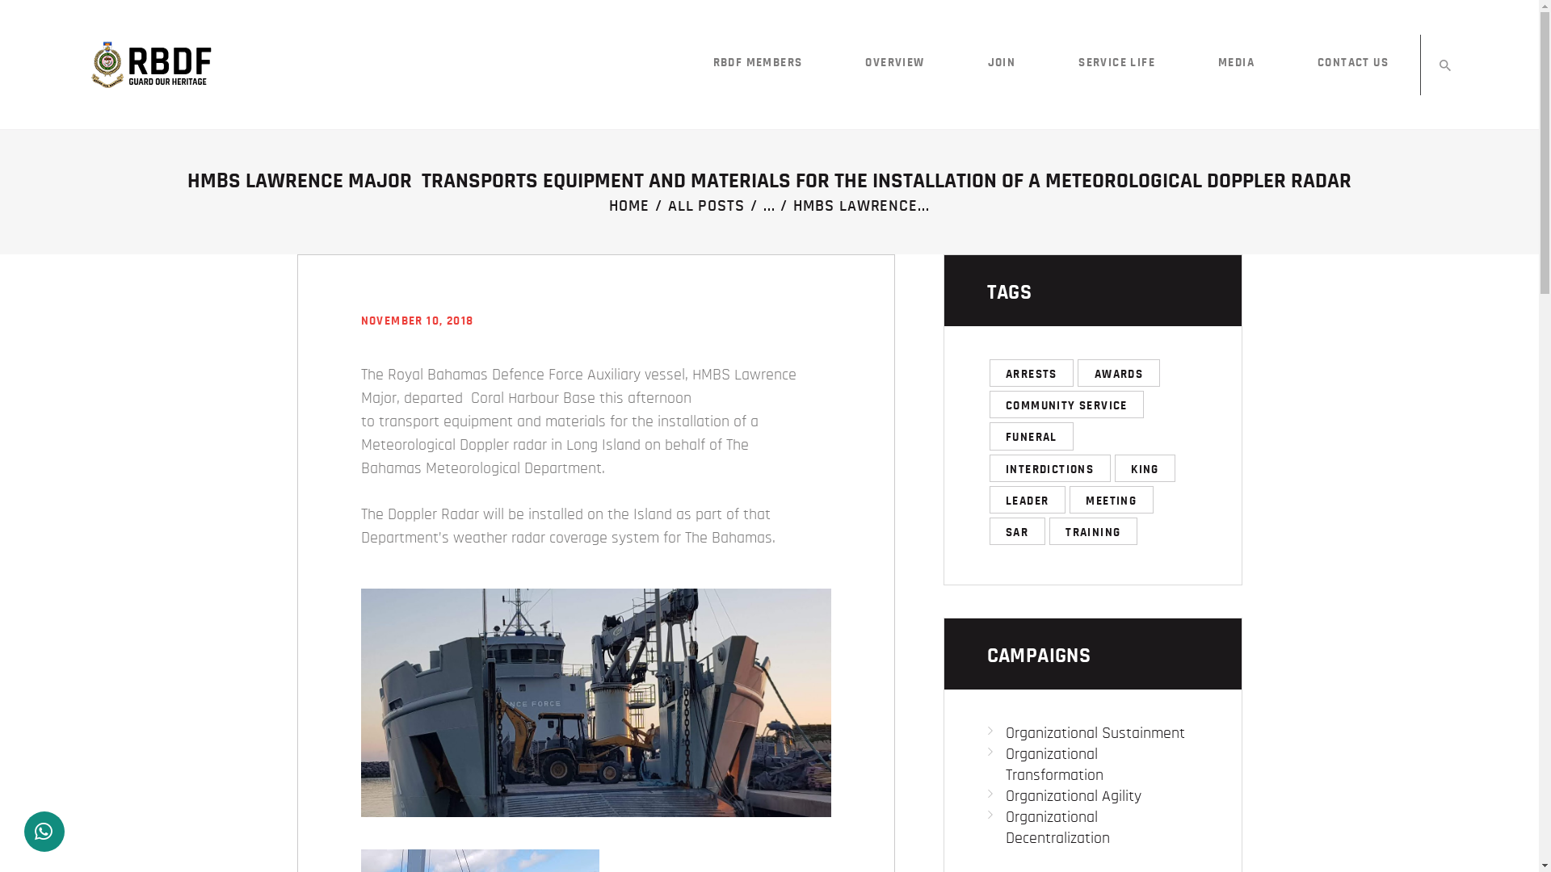  Describe the element at coordinates (1026, 498) in the screenshot. I see `'LEADER'` at that location.